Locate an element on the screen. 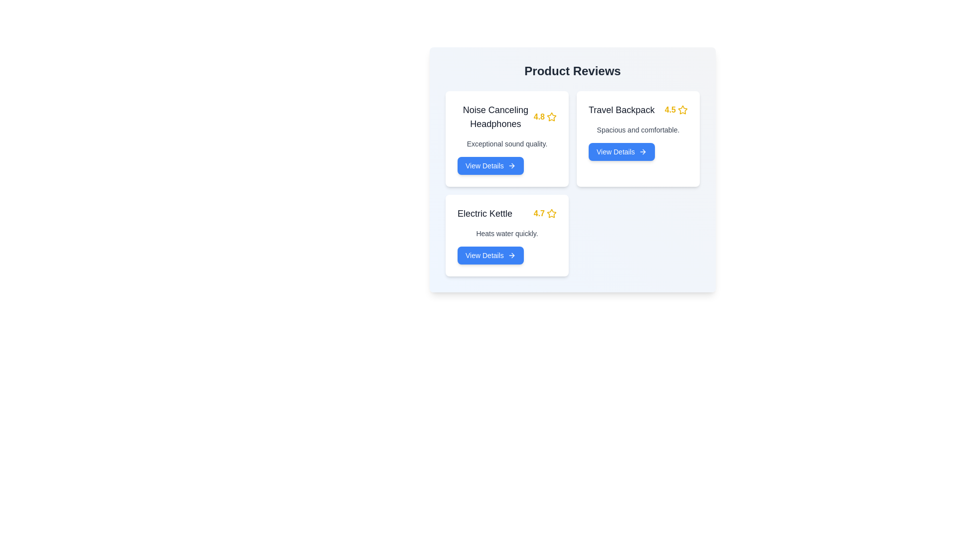  'View Details' button for the product identified by Electric Kettle is located at coordinates (490, 255).